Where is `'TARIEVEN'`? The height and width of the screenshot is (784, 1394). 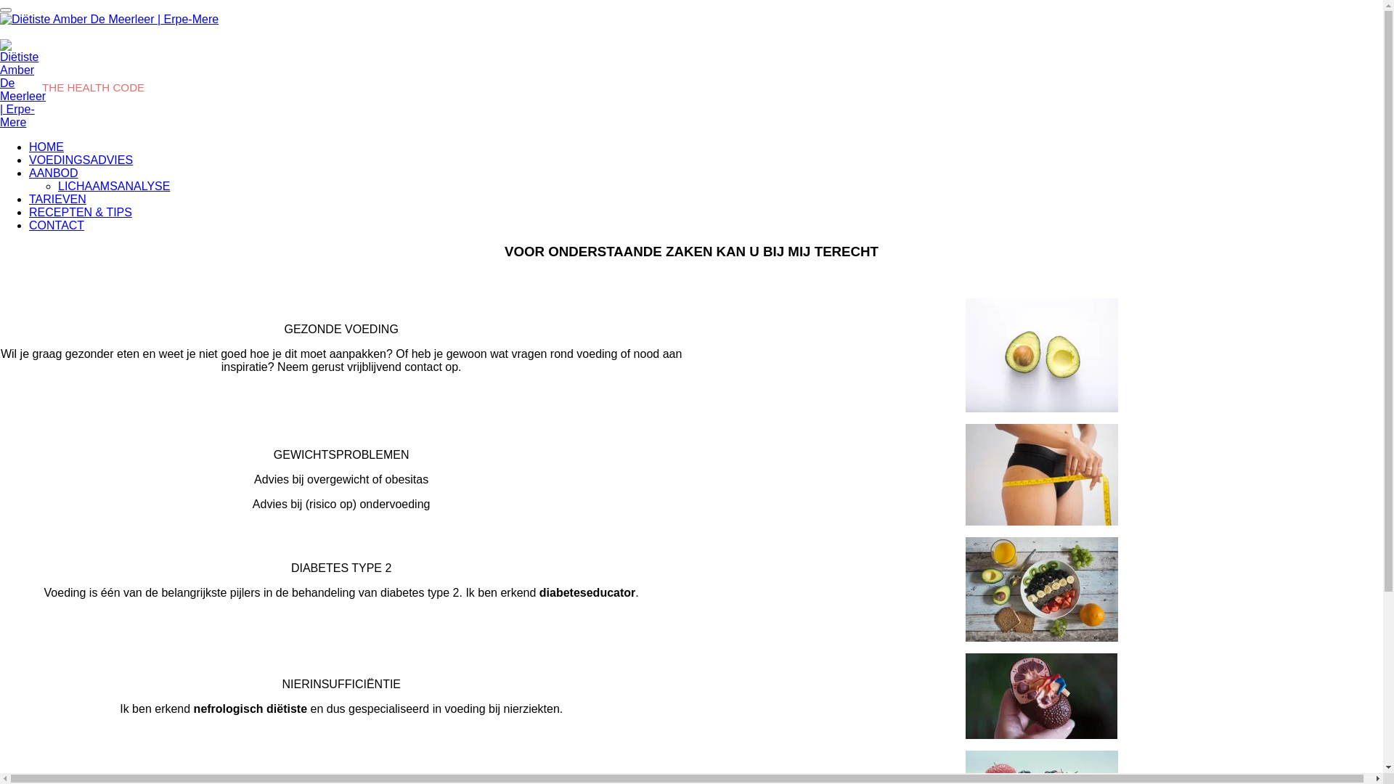
'TARIEVEN' is located at coordinates (57, 199).